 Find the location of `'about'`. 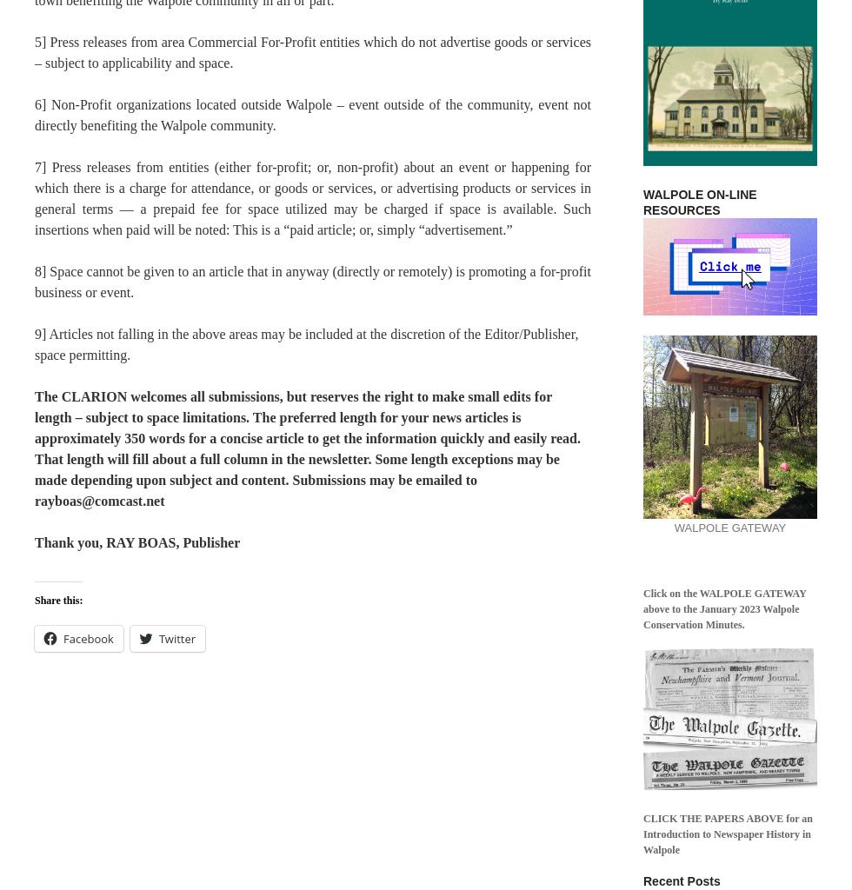

'about' is located at coordinates (169, 459).